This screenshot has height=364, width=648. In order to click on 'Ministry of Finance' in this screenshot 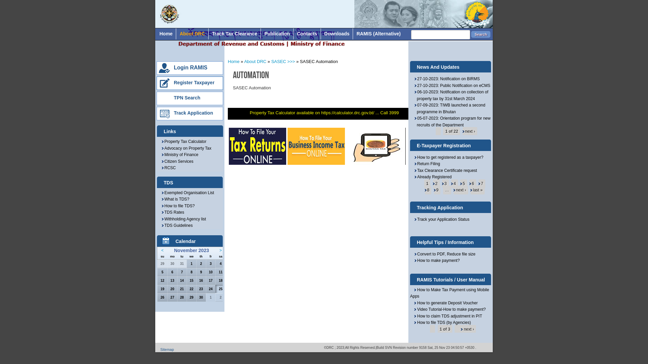, I will do `click(160, 155)`.